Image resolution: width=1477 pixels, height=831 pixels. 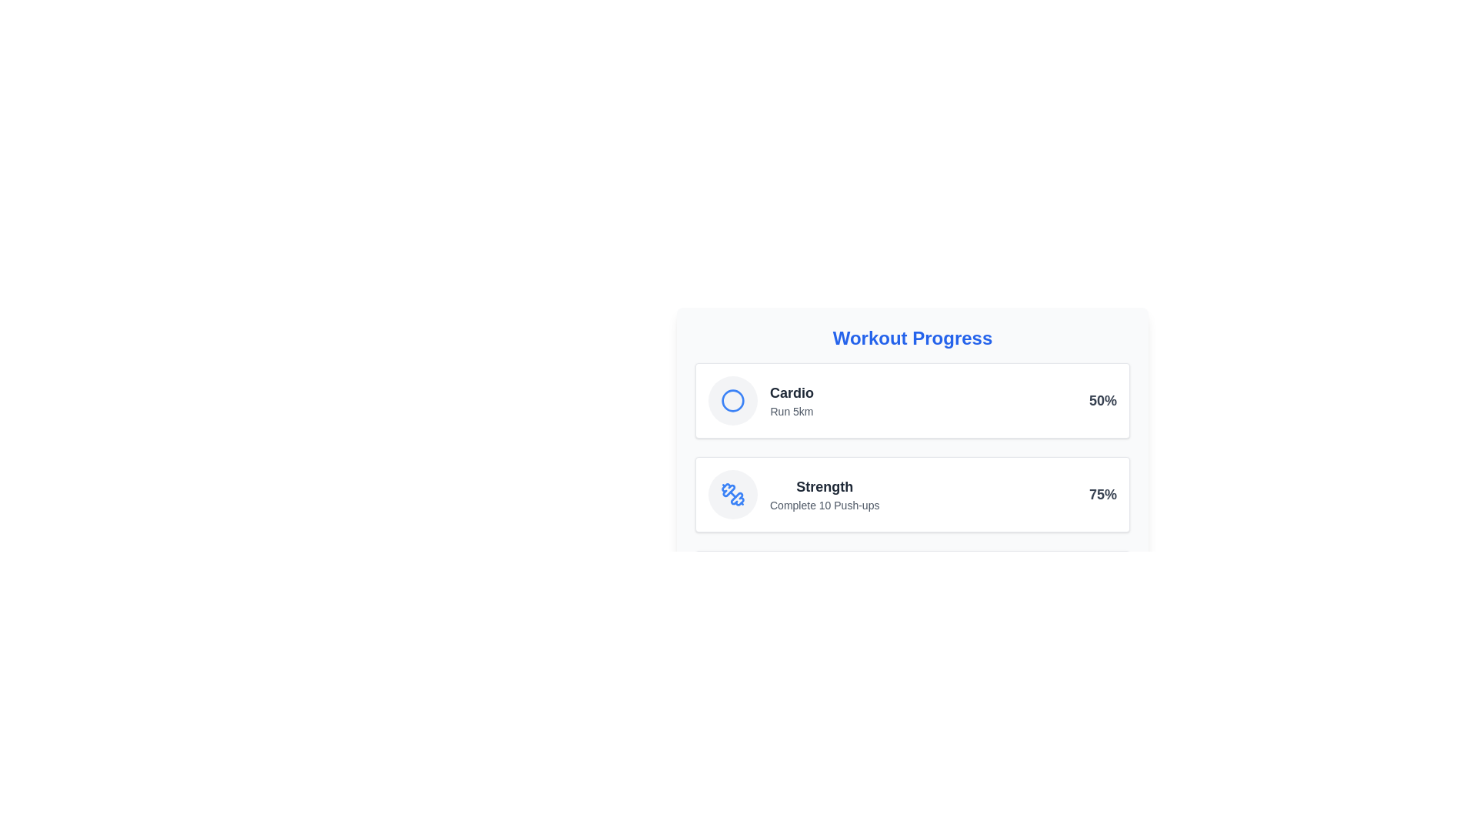 I want to click on the text label reading 'Complete 10 Push-ups', which is a smaller, gray-colored font located below the bolded text 'Strength' in the 'Workout Progress' section, so click(x=824, y=505).